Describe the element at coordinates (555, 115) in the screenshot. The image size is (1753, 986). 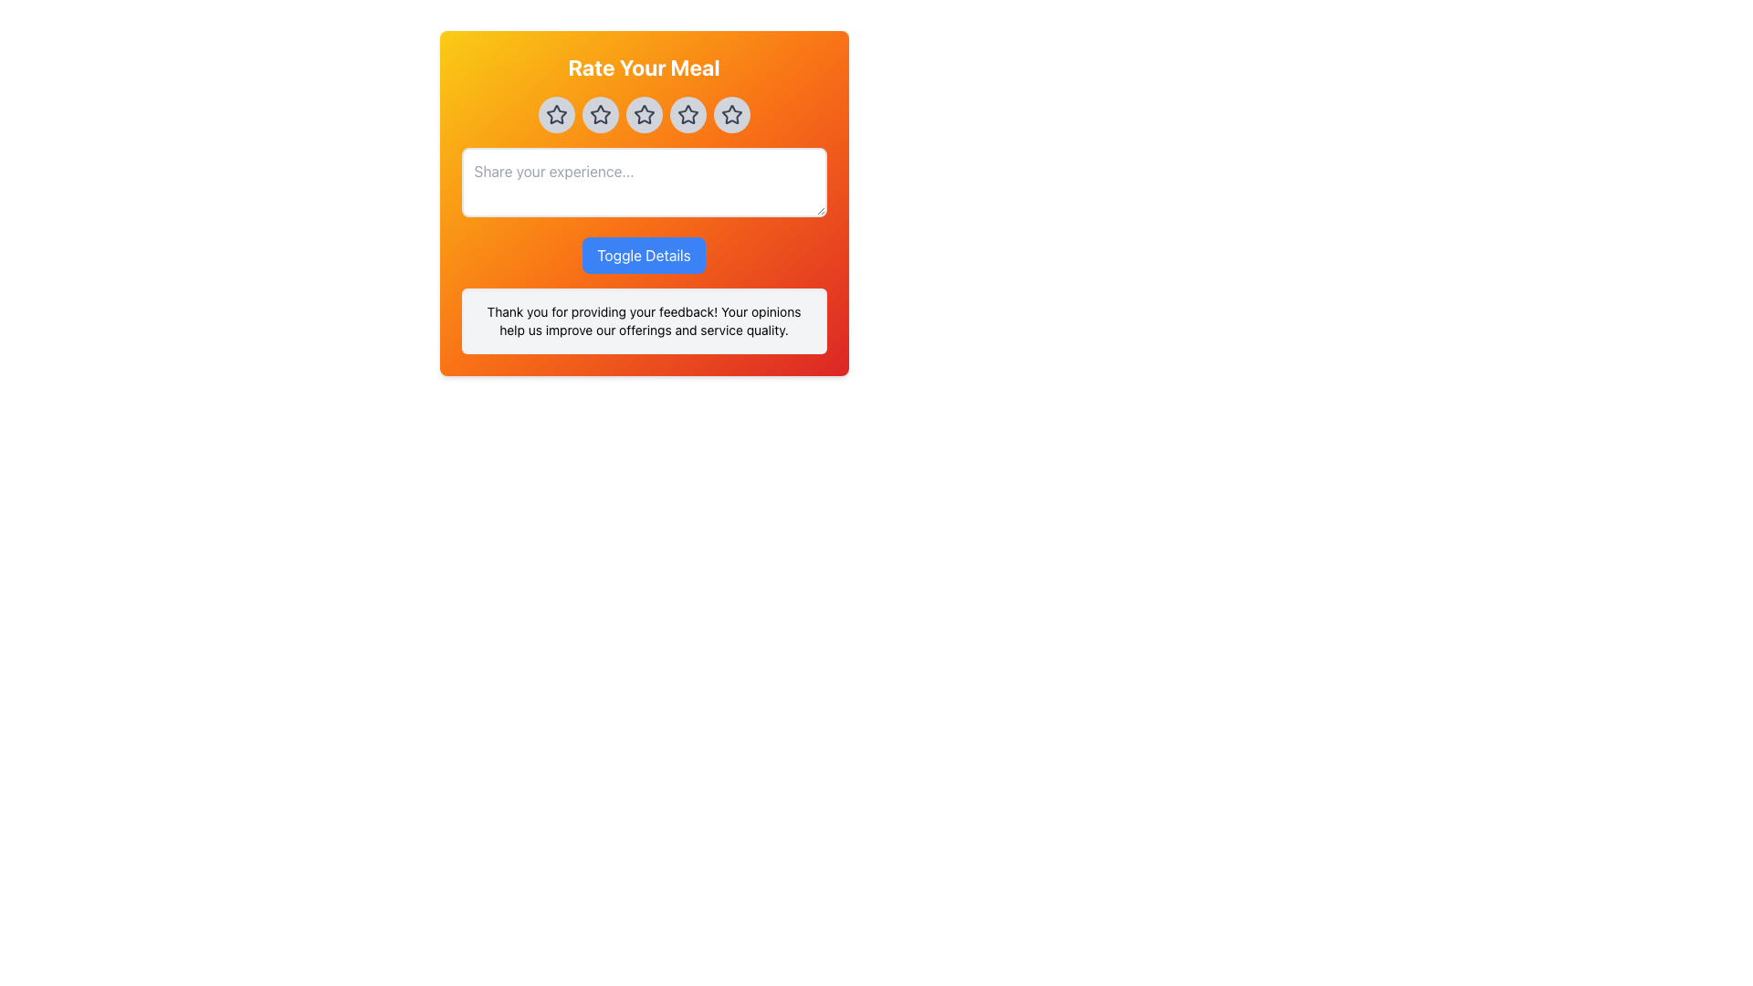
I see `the first gray star icon in the rating system` at that location.